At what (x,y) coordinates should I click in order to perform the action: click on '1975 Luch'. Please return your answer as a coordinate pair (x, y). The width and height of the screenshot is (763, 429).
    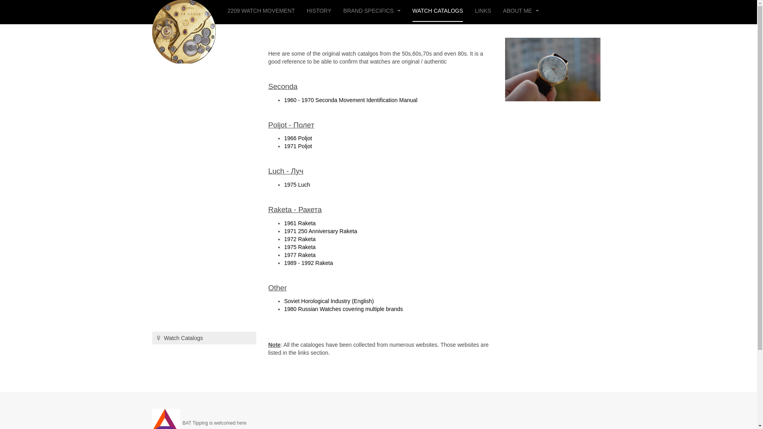
    Looking at the image, I should click on (296, 185).